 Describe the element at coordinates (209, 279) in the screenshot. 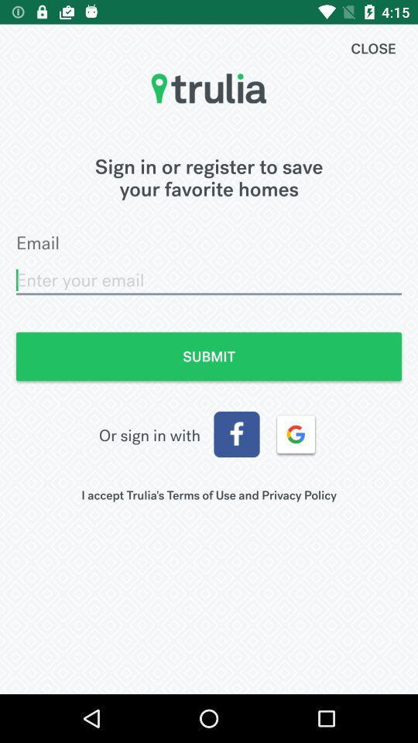

I see `the item above submit item` at that location.